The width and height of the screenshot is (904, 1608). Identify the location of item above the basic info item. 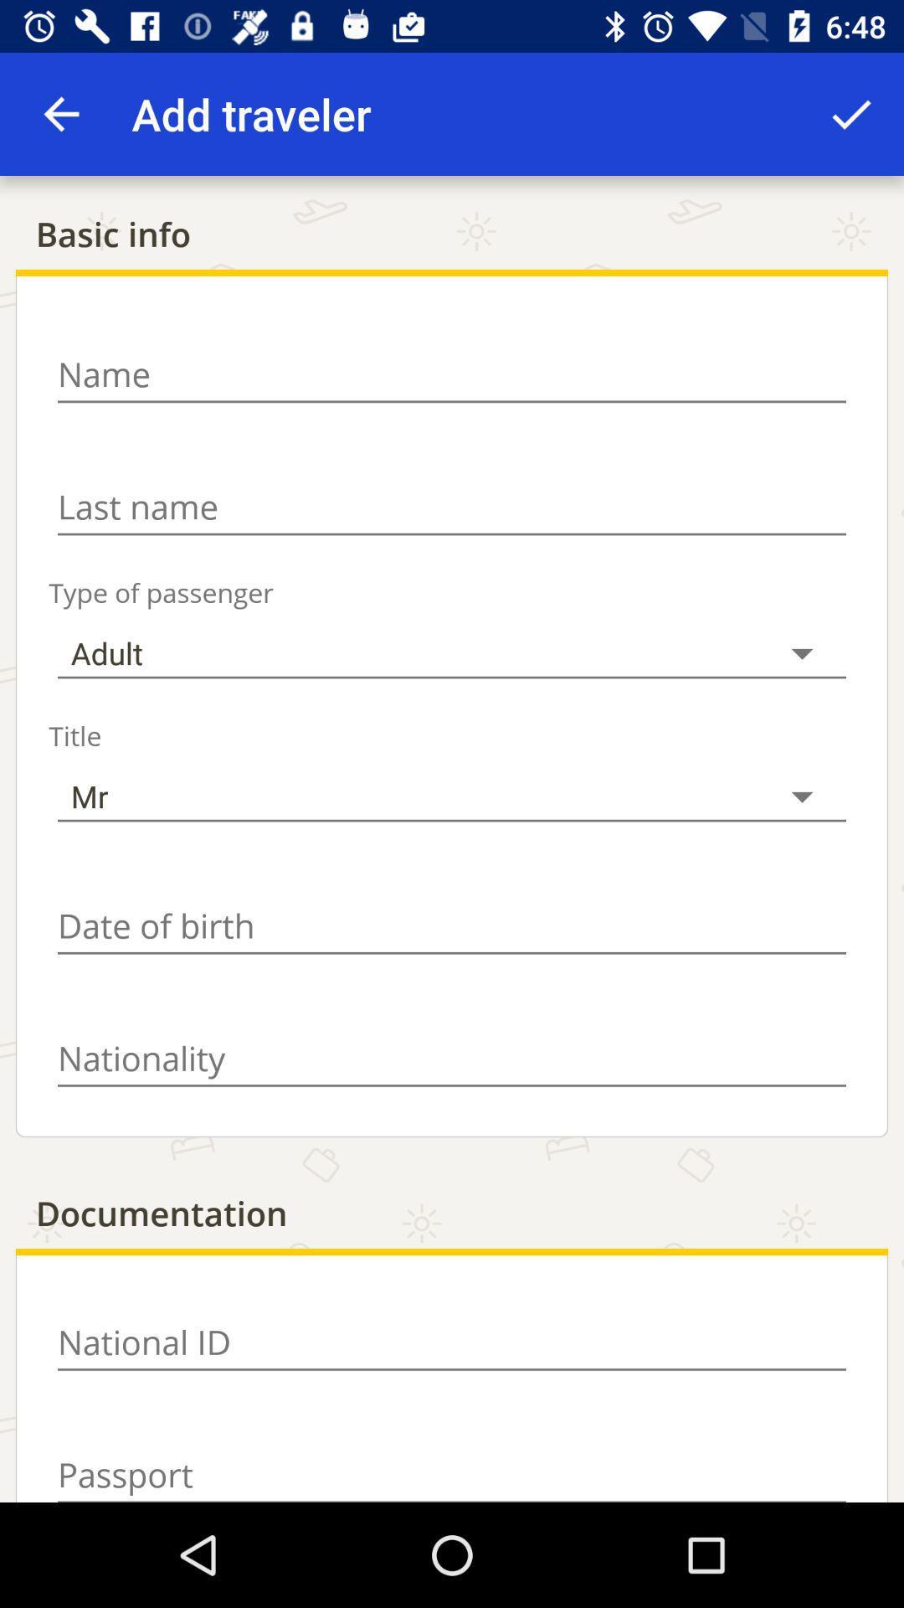
(60, 113).